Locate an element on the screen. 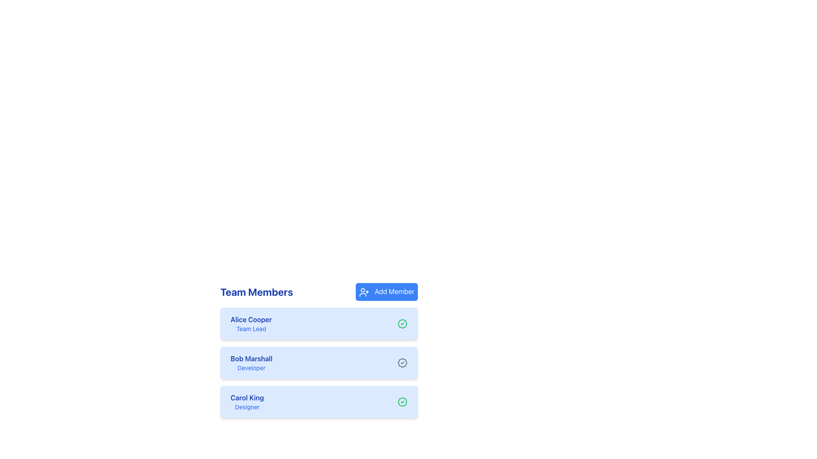  the circular decorative pattern resembling a badge or seal that is styled in green, located in the rightmost position of the third list item under 'Team Members', corresponding to 'Carol King Designer' is located at coordinates (402, 323).